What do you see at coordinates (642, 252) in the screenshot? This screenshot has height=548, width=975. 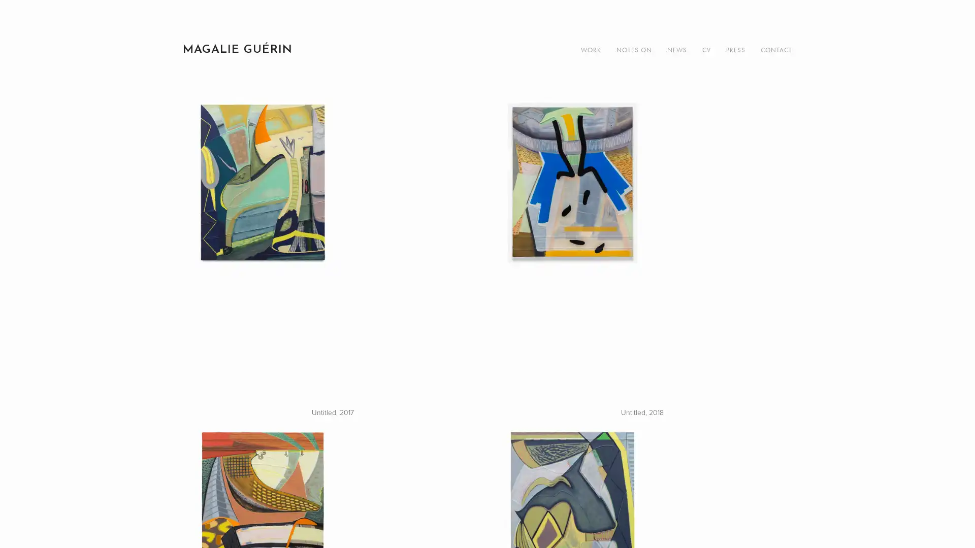 I see `View fullsize Untitled, 2018` at bounding box center [642, 252].